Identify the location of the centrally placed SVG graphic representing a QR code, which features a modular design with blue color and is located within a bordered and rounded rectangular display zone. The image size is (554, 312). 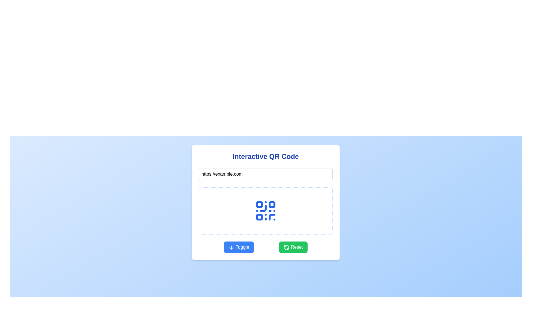
(265, 211).